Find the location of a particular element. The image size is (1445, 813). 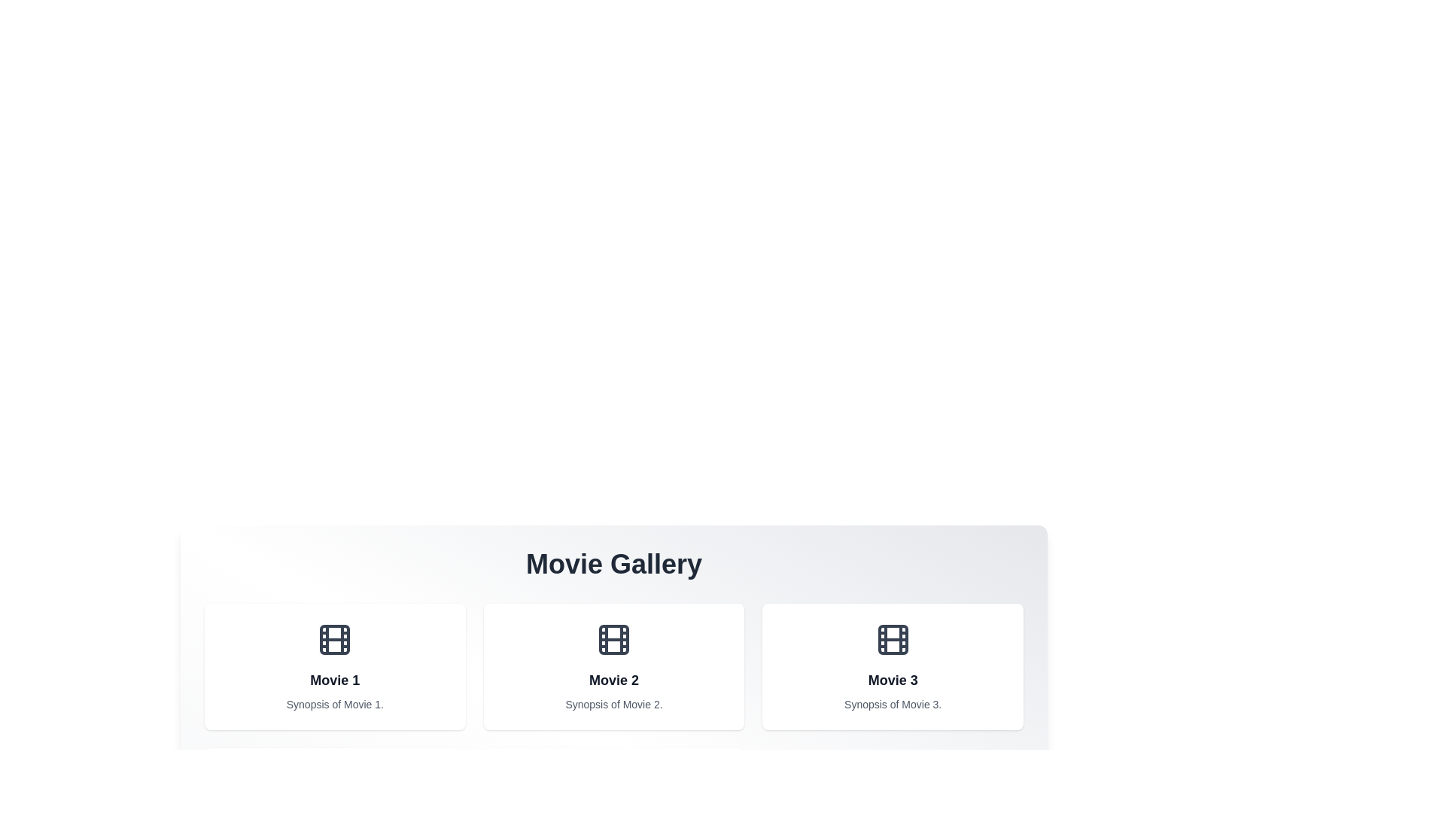

the text label that reads 'Synopsis of Movie 3.' located under the 'Movie 3' title and icon in the third card of the 'Movie Gallery' is located at coordinates (893, 705).